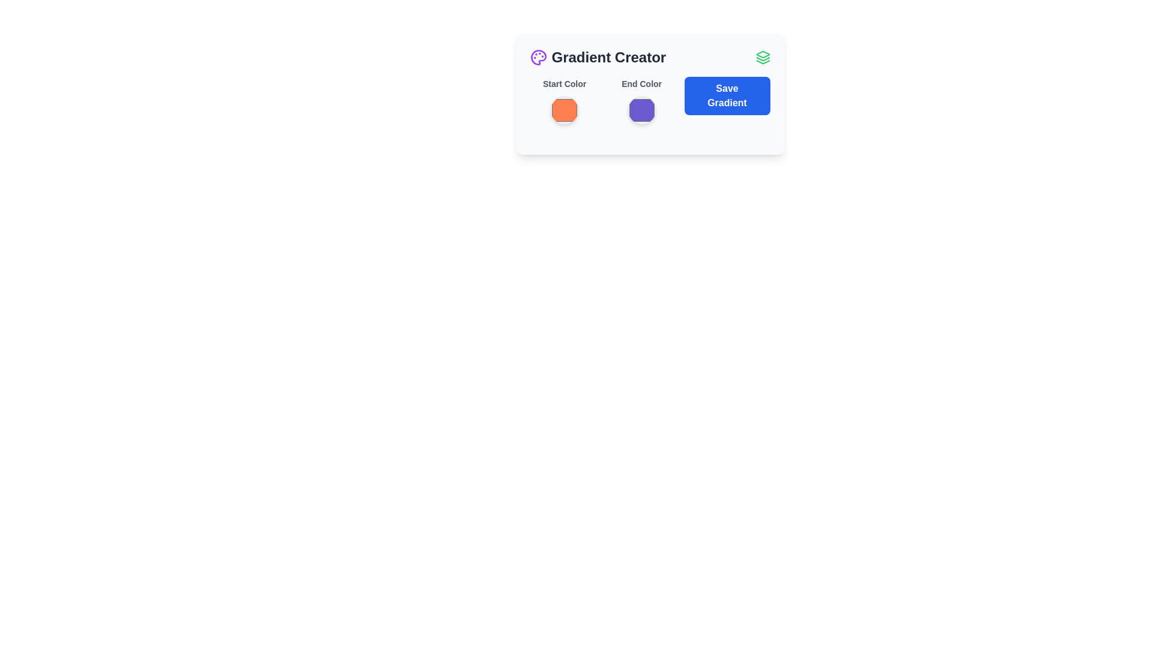  What do you see at coordinates (563, 101) in the screenshot?
I see `the 'Start Color' circular color picker component, which is prominently located on the left side of the gradient editor interface, to pick a new color` at bounding box center [563, 101].